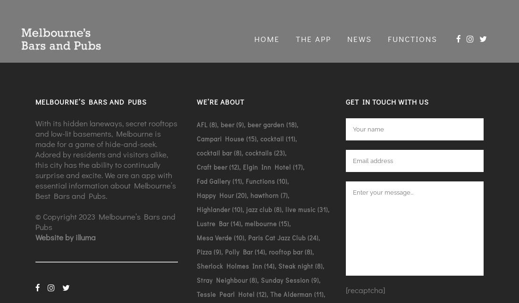 Image resolution: width=519 pixels, height=303 pixels. What do you see at coordinates (300, 208) in the screenshot?
I see `'live music'` at bounding box center [300, 208].